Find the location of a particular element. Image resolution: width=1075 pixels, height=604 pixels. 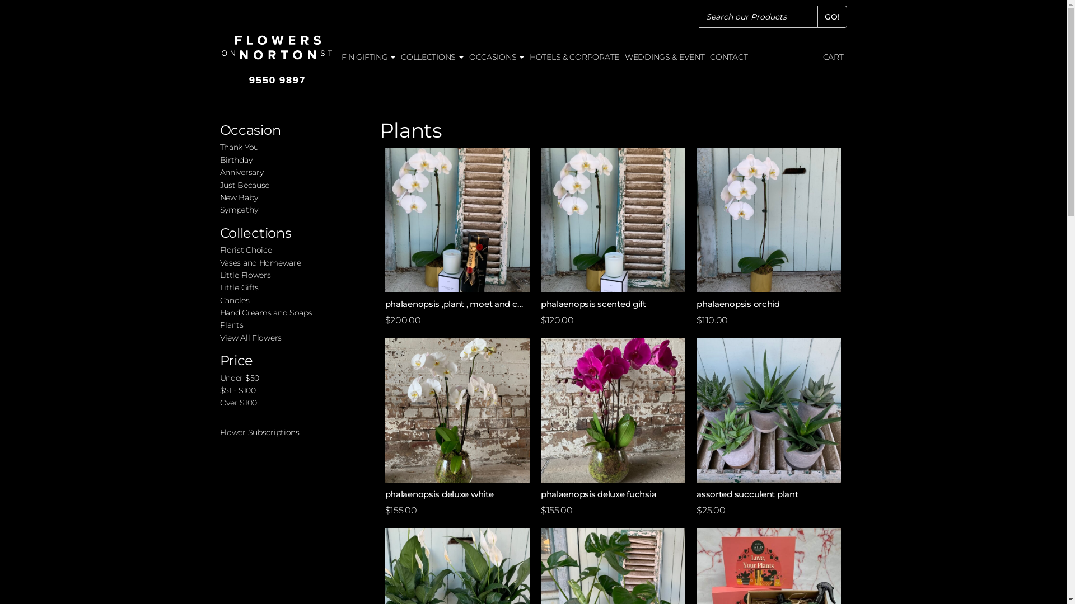

'Flower Subscriptions' is located at coordinates (219, 431).